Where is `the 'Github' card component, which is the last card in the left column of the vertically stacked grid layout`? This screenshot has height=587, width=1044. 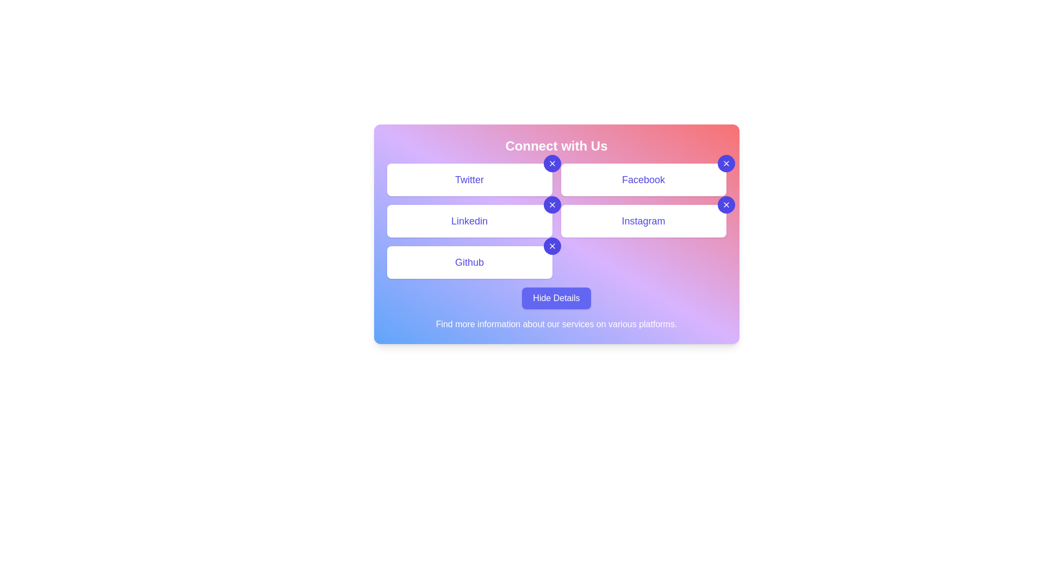 the 'Github' card component, which is the last card in the left column of the vertically stacked grid layout is located at coordinates (469, 262).